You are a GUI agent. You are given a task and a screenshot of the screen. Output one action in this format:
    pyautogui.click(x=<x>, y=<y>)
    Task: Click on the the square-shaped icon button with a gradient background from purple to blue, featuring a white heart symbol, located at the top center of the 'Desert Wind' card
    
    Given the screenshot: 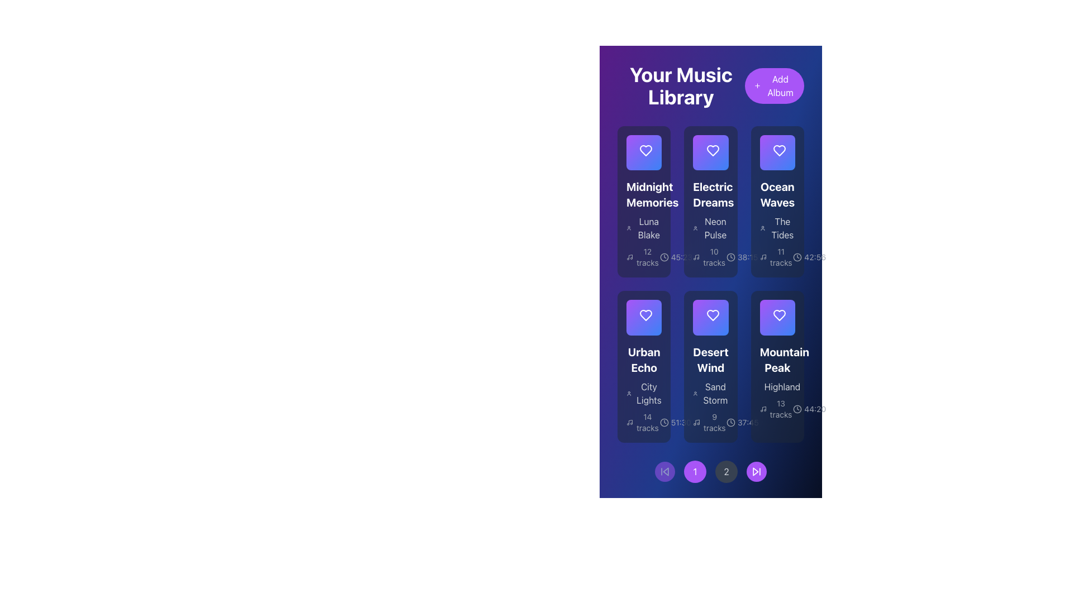 What is the action you would take?
    pyautogui.click(x=710, y=318)
    